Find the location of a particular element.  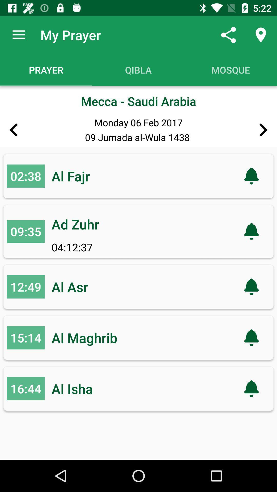

the item above 09:35 item is located at coordinates (26, 176).